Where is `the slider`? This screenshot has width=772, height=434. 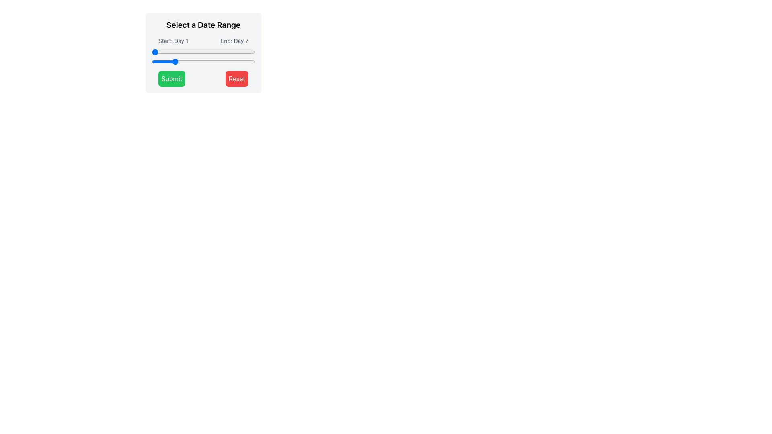
the slider is located at coordinates (201, 52).